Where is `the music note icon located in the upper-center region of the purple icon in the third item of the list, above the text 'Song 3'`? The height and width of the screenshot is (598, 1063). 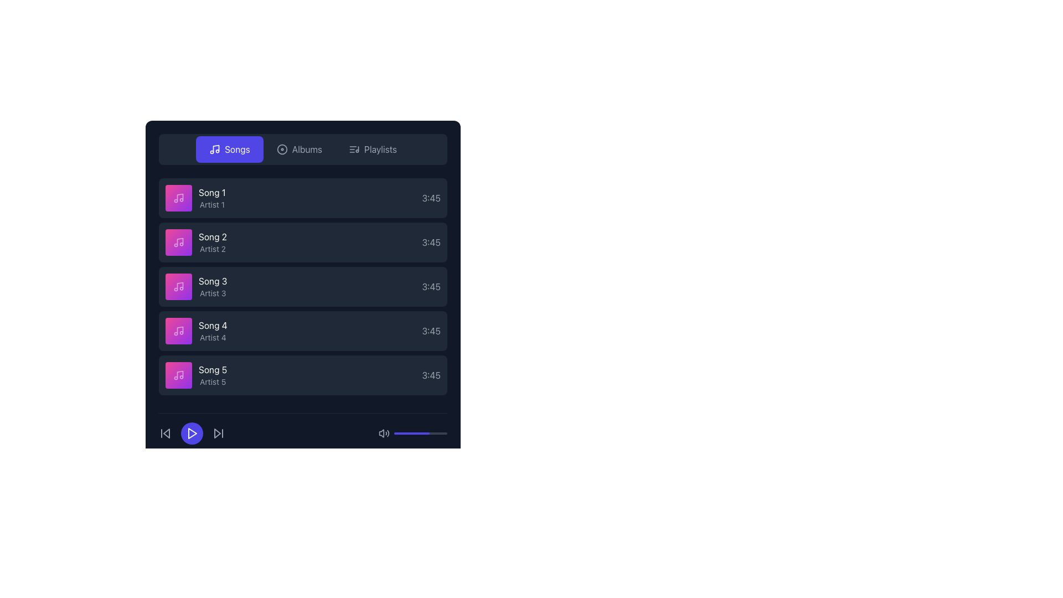
the music note icon located in the upper-center region of the purple icon in the third item of the list, above the text 'Song 3' is located at coordinates (180, 285).